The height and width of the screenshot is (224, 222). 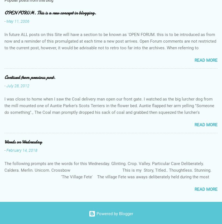 I want to click on 'Words on Wednesday', so click(x=23, y=141).